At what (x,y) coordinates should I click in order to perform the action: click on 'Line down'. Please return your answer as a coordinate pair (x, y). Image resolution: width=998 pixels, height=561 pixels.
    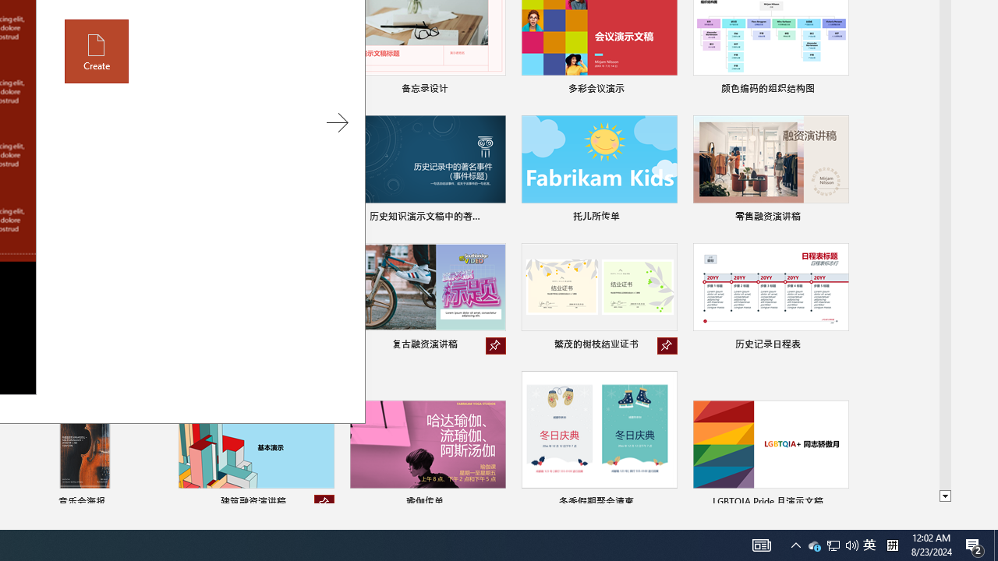
    Looking at the image, I should click on (944, 496).